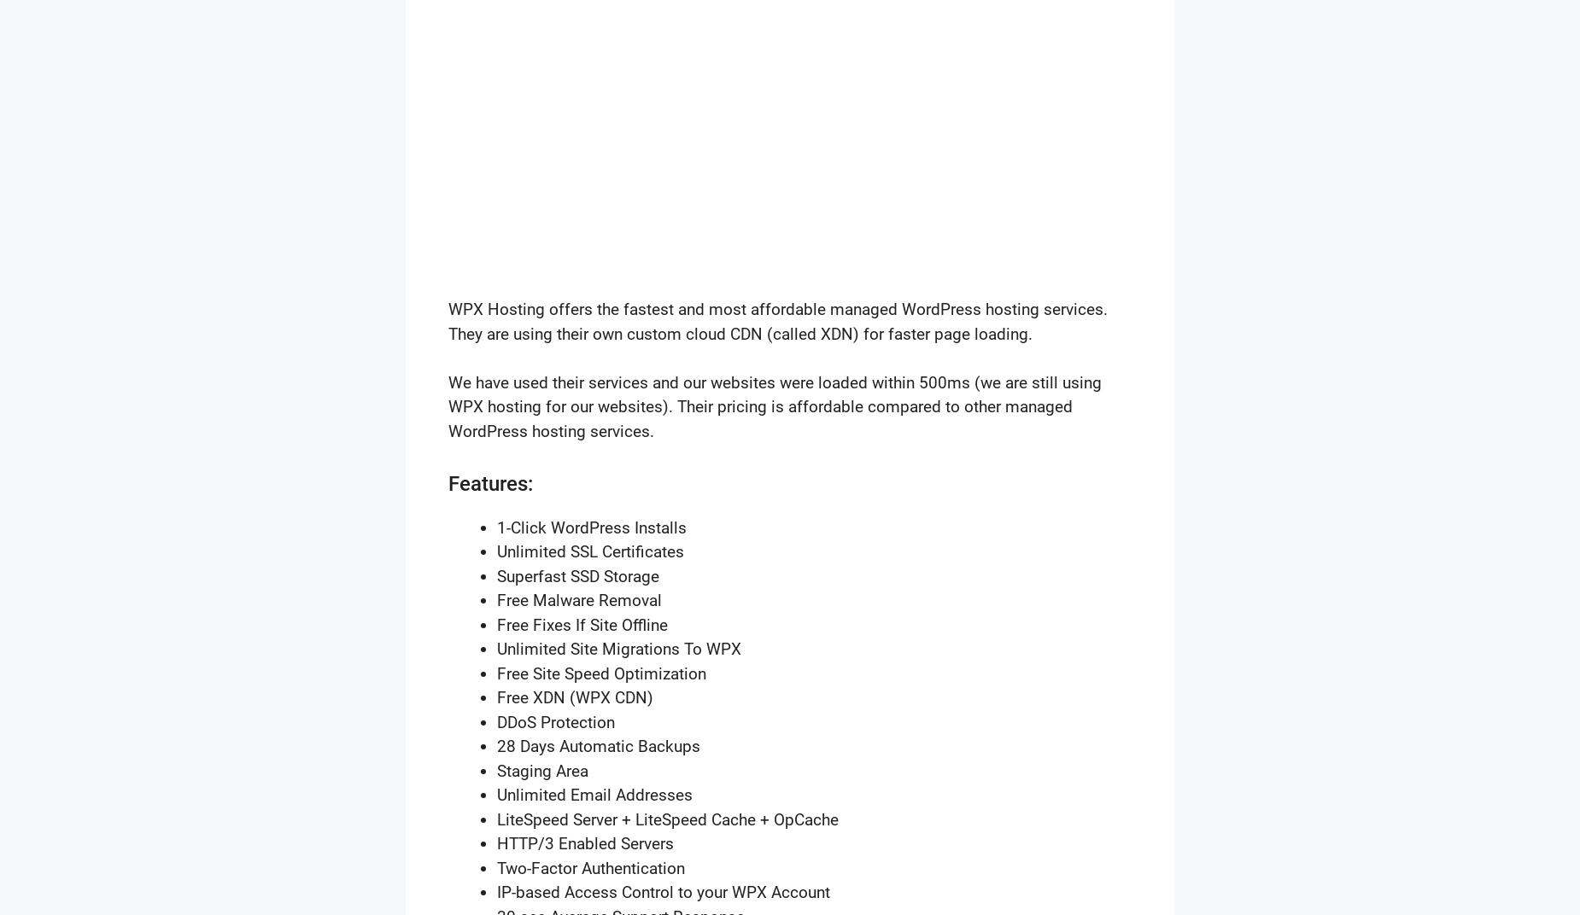 This screenshot has width=1580, height=915. What do you see at coordinates (577, 574) in the screenshot?
I see `'Superfast SSD Storage'` at bounding box center [577, 574].